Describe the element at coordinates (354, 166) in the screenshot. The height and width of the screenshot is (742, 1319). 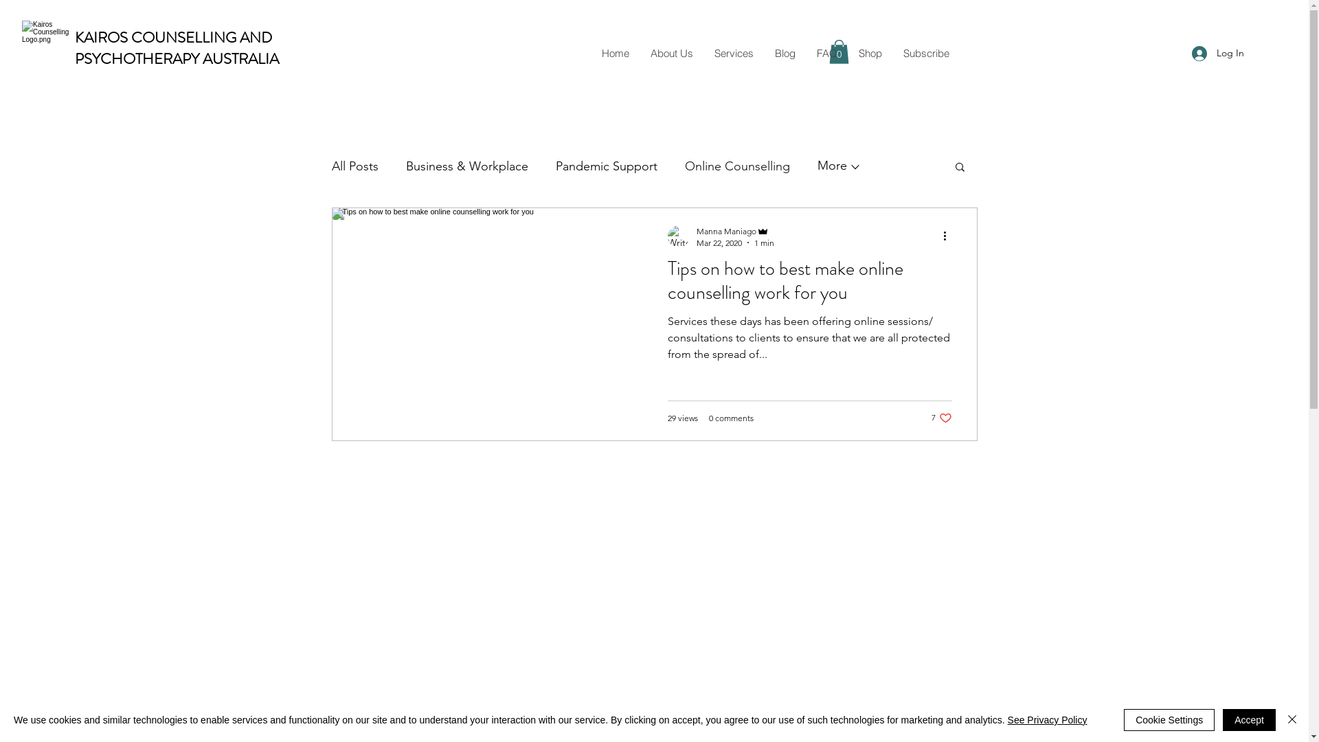
I see `'All Posts'` at that location.